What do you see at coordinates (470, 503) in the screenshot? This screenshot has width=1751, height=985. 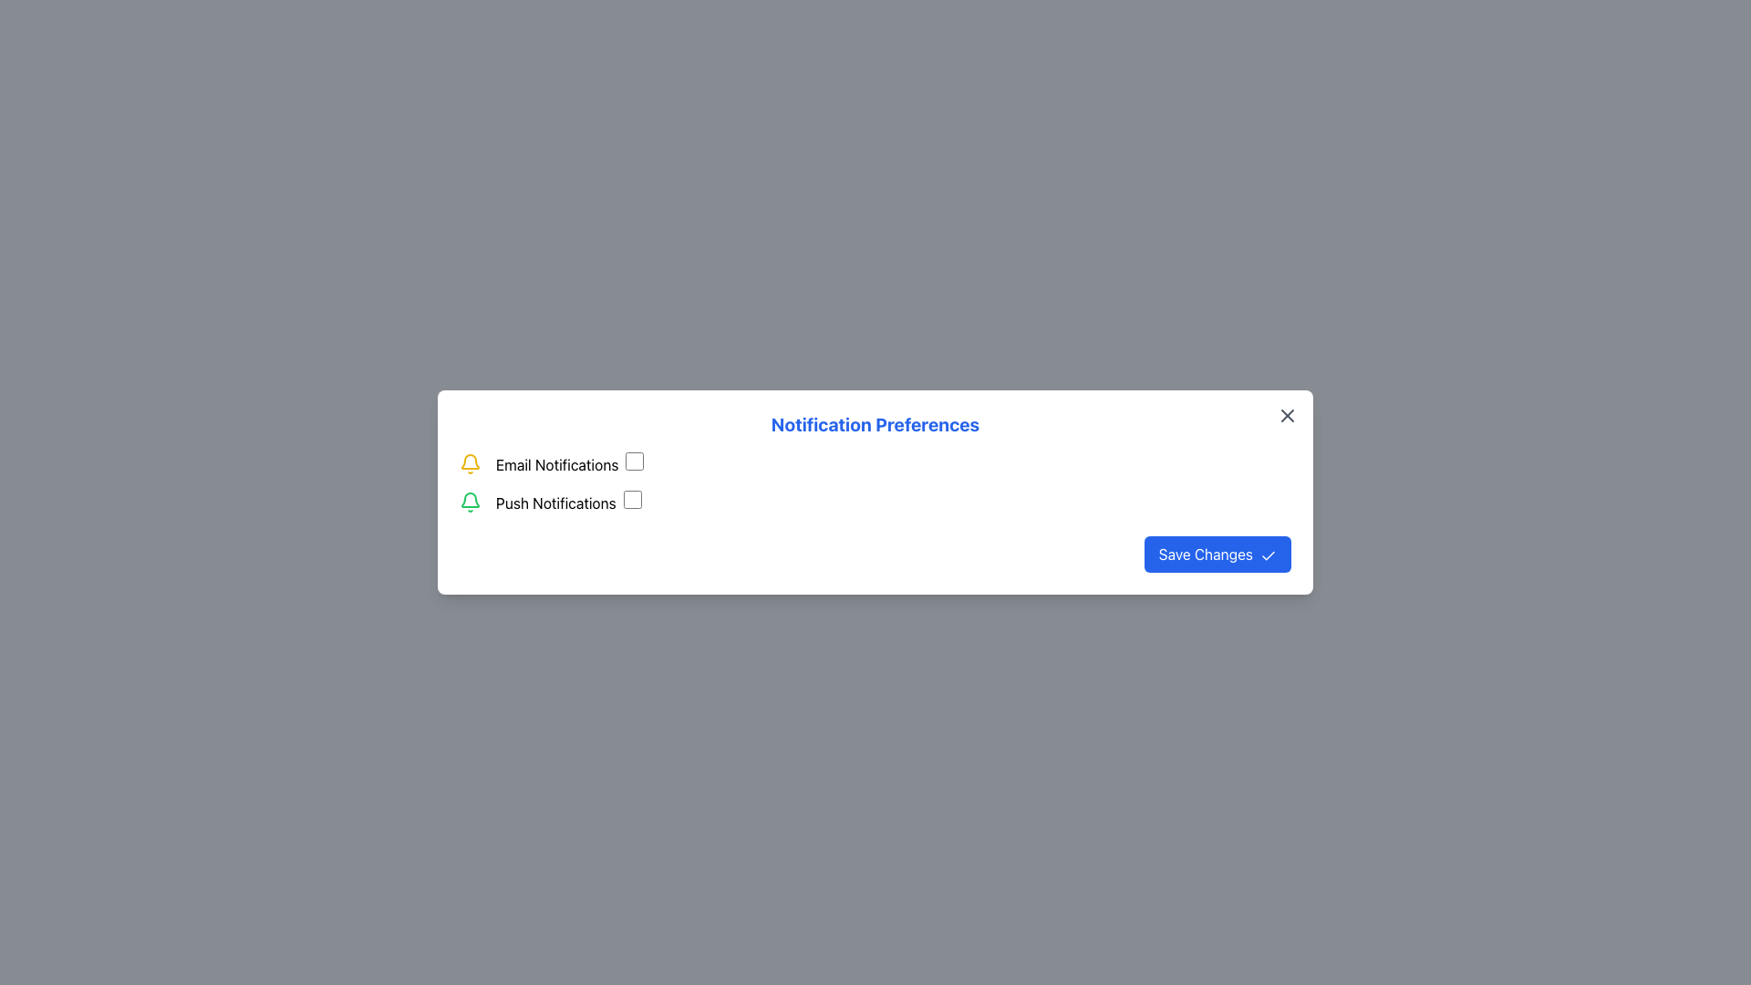 I see `the bell-shaped icon with a green outline located to the left of the checkbox in the 'Push Notifications' row` at bounding box center [470, 503].